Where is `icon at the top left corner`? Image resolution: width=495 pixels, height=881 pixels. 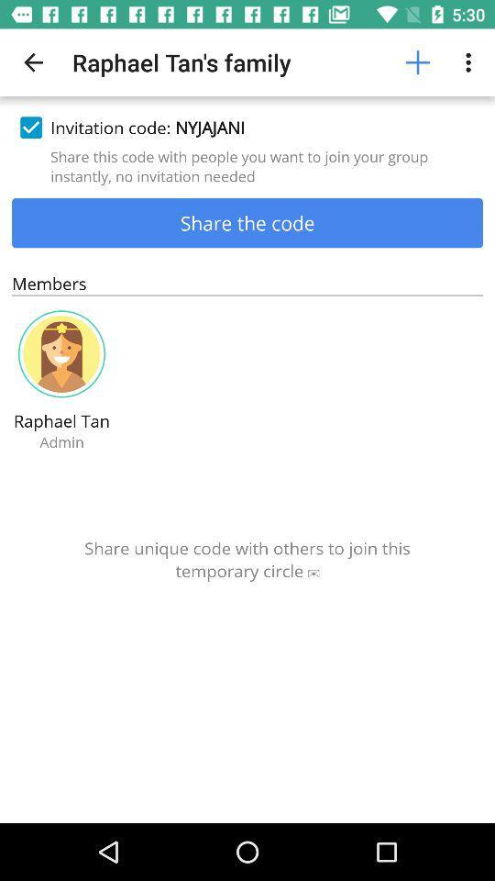
icon at the top left corner is located at coordinates (33, 62).